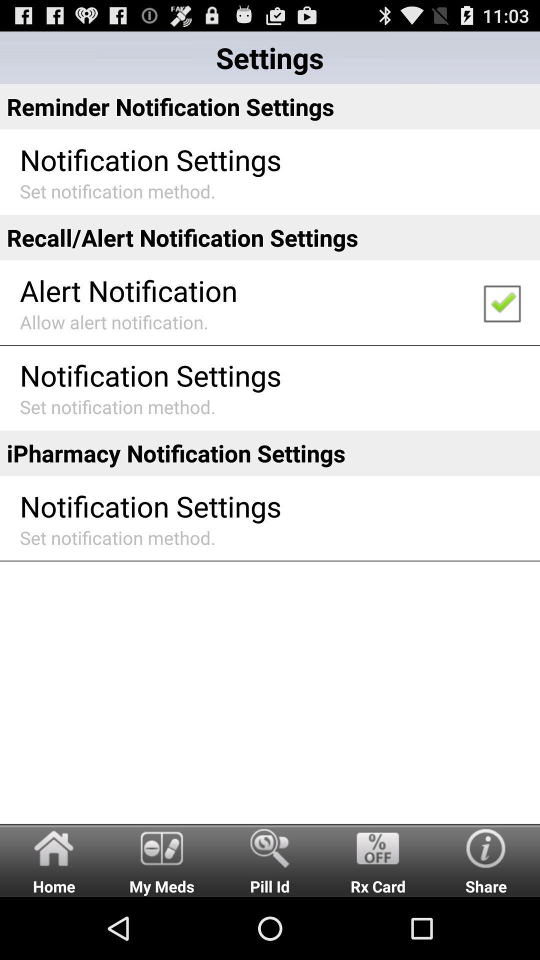 This screenshot has height=960, width=540. What do you see at coordinates (378, 859) in the screenshot?
I see `the rx card item` at bounding box center [378, 859].